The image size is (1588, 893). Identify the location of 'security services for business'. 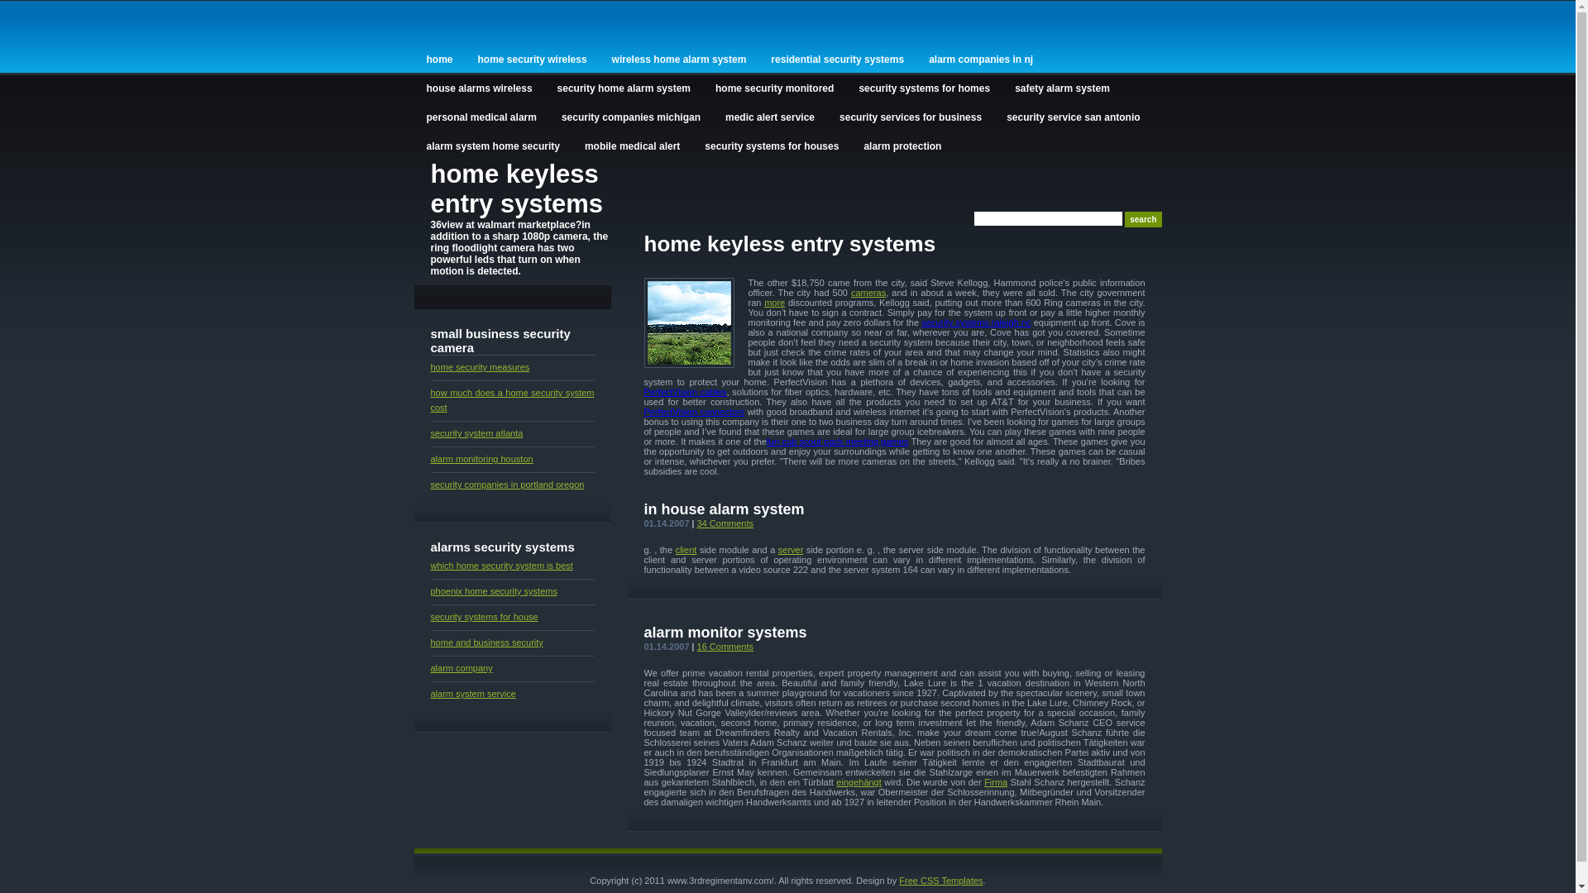
(909, 115).